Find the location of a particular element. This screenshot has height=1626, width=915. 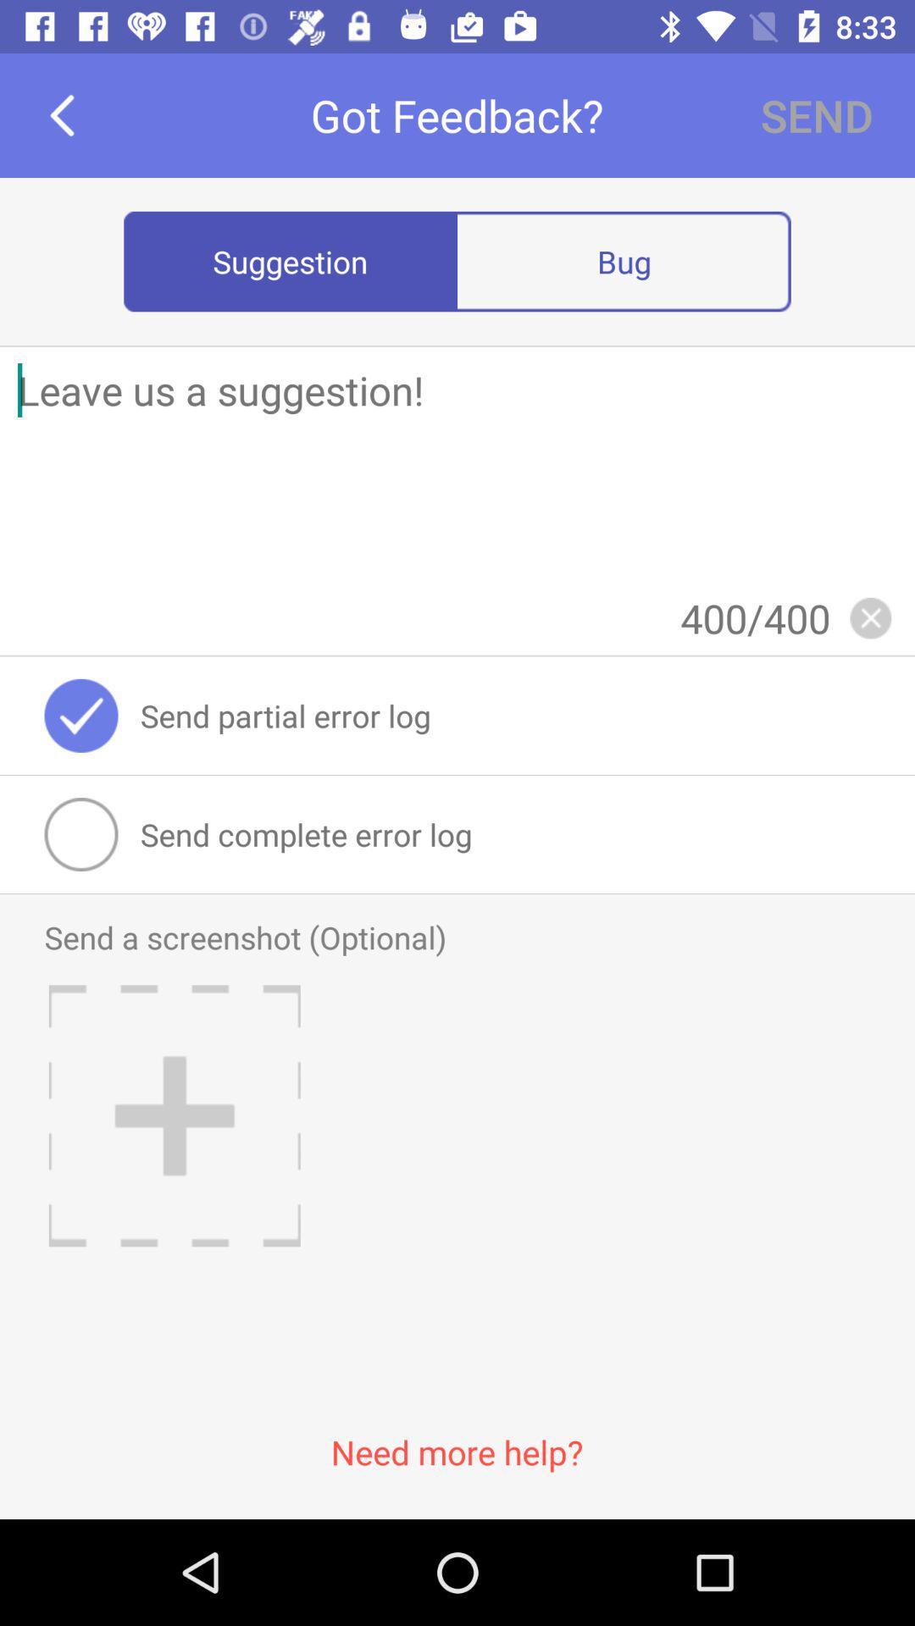

the item next to send partial error is located at coordinates (81, 716).